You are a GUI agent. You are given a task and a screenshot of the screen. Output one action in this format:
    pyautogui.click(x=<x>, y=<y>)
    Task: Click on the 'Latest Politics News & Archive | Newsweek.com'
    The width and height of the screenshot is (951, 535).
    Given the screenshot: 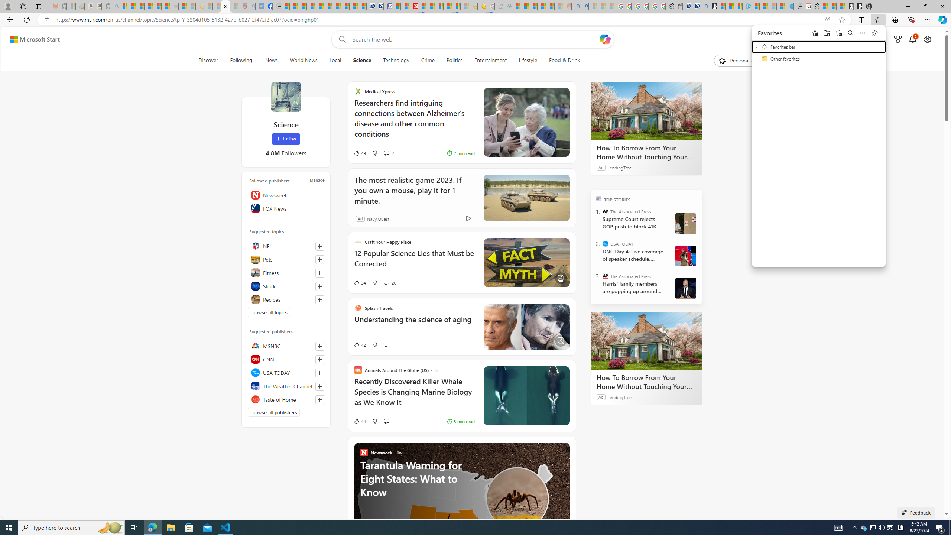 What is the action you would take?
    pyautogui.click(x=413, y=6)
    